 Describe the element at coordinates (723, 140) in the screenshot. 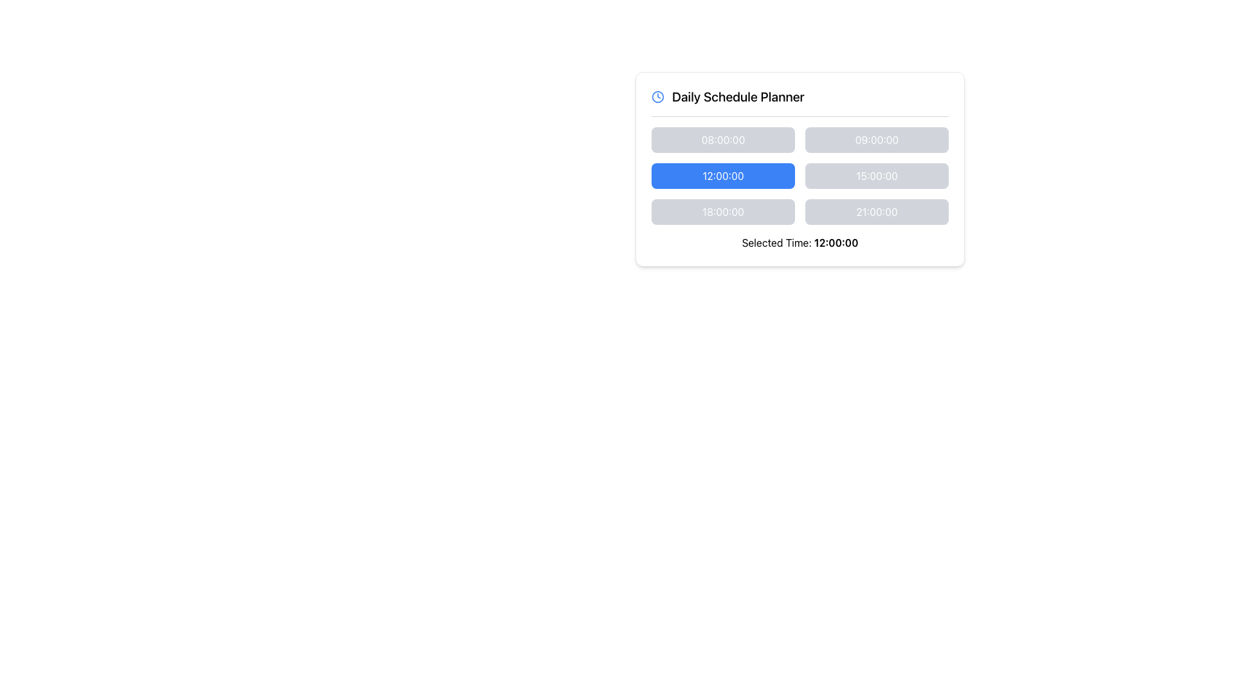

I see `the button displaying '08:00:00' with a gray background` at that location.